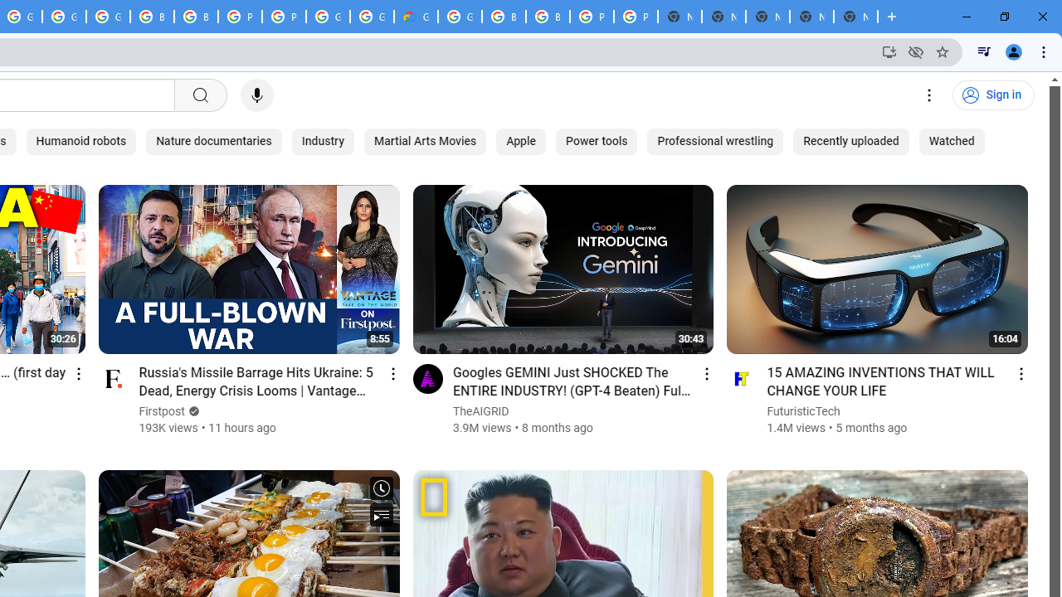 The image size is (1062, 597). I want to click on 'Watched', so click(951, 141).